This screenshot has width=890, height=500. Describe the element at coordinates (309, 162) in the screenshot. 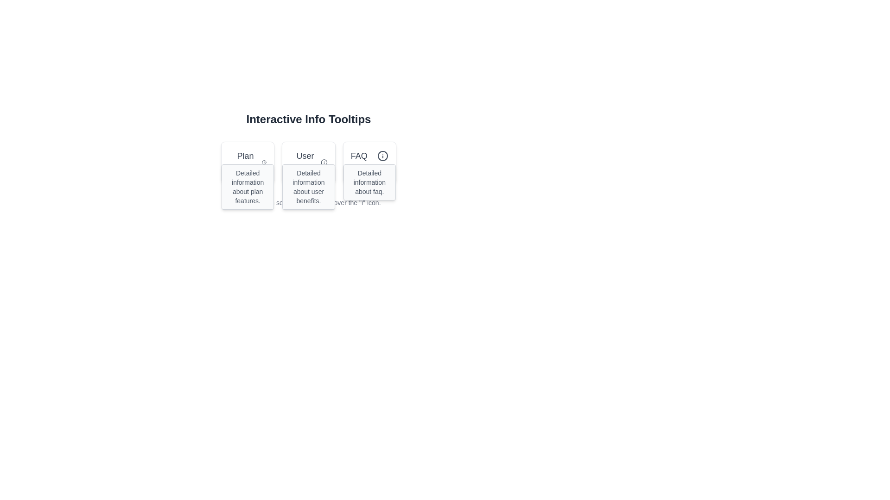

I see `the information icon next to the user benefits text label` at that location.